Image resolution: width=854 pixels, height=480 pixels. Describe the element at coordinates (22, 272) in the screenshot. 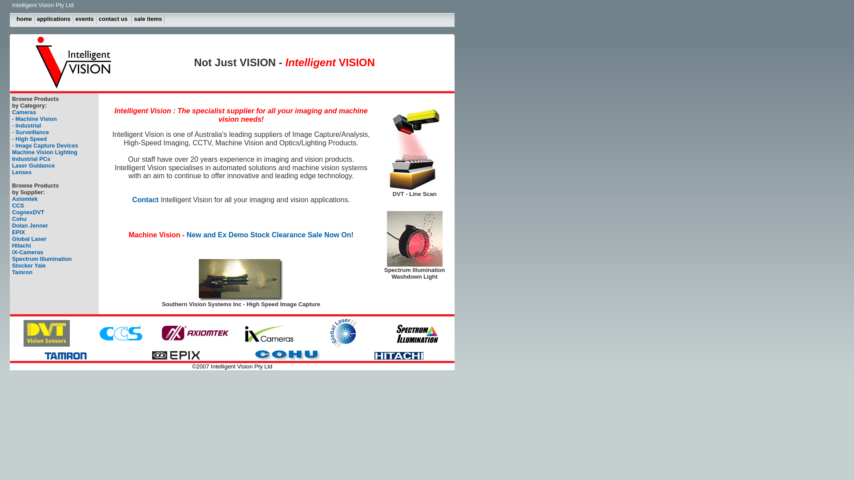

I see `'Tamron'` at that location.